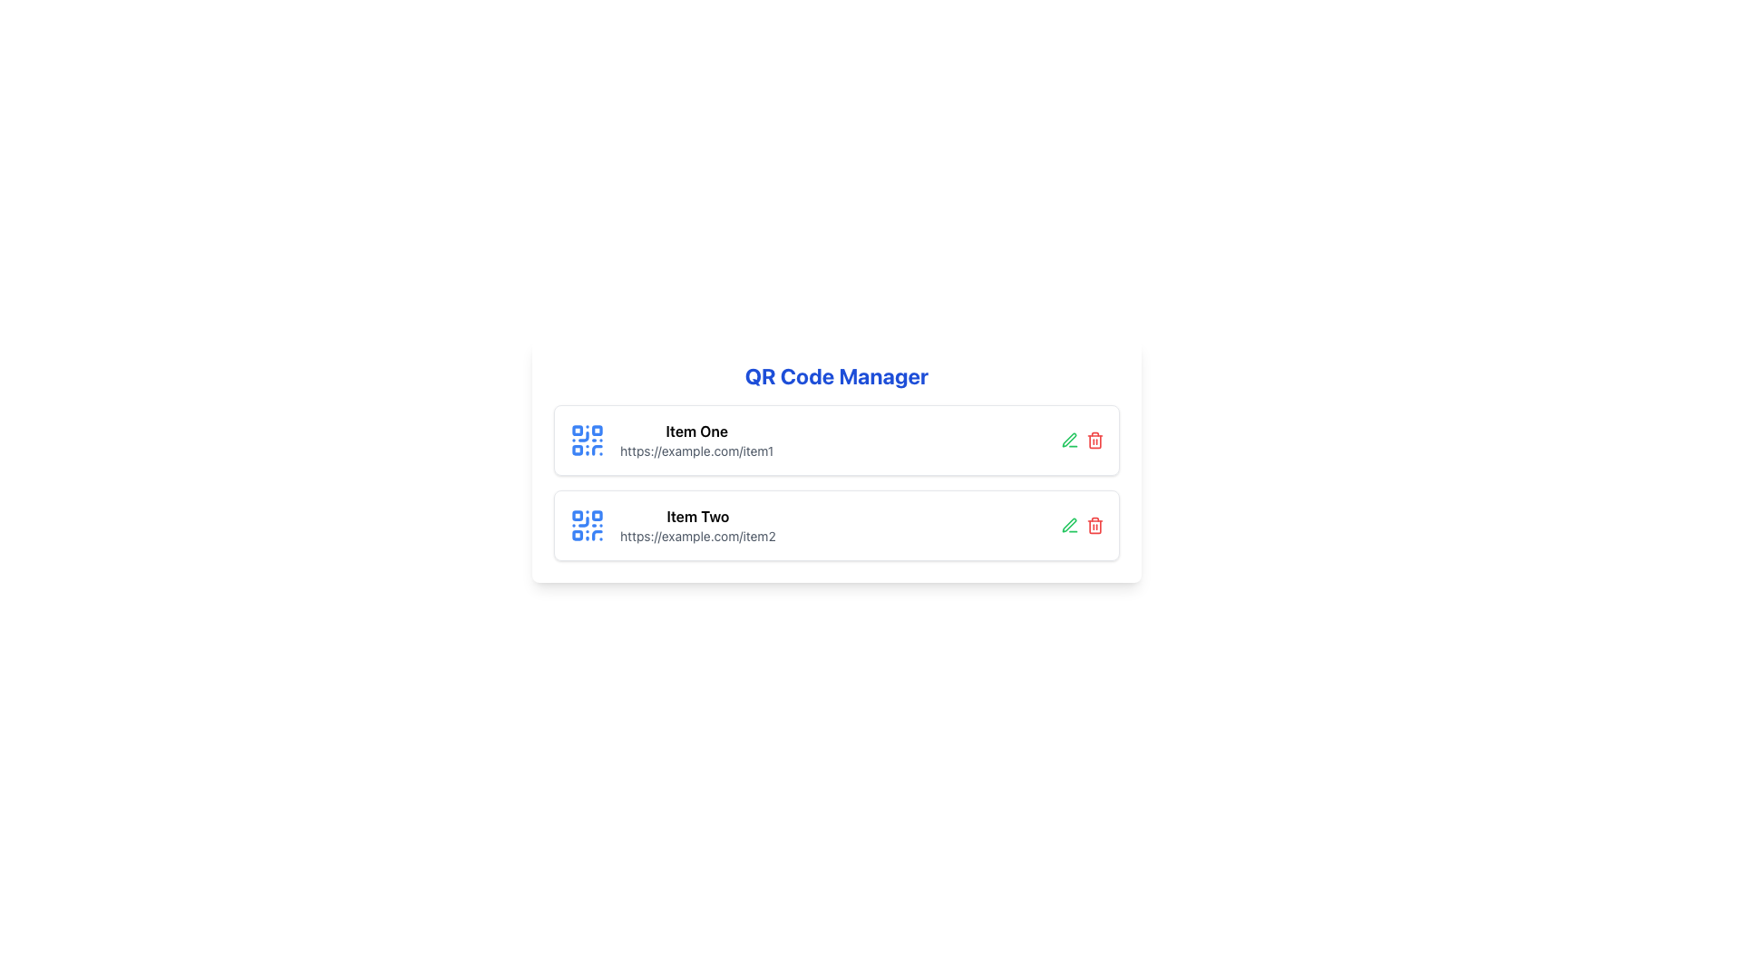 The image size is (1741, 979). What do you see at coordinates (671, 525) in the screenshot?
I see `the 'Item Two' list item, which displays the text in bold and a smaller gray URL below it` at bounding box center [671, 525].